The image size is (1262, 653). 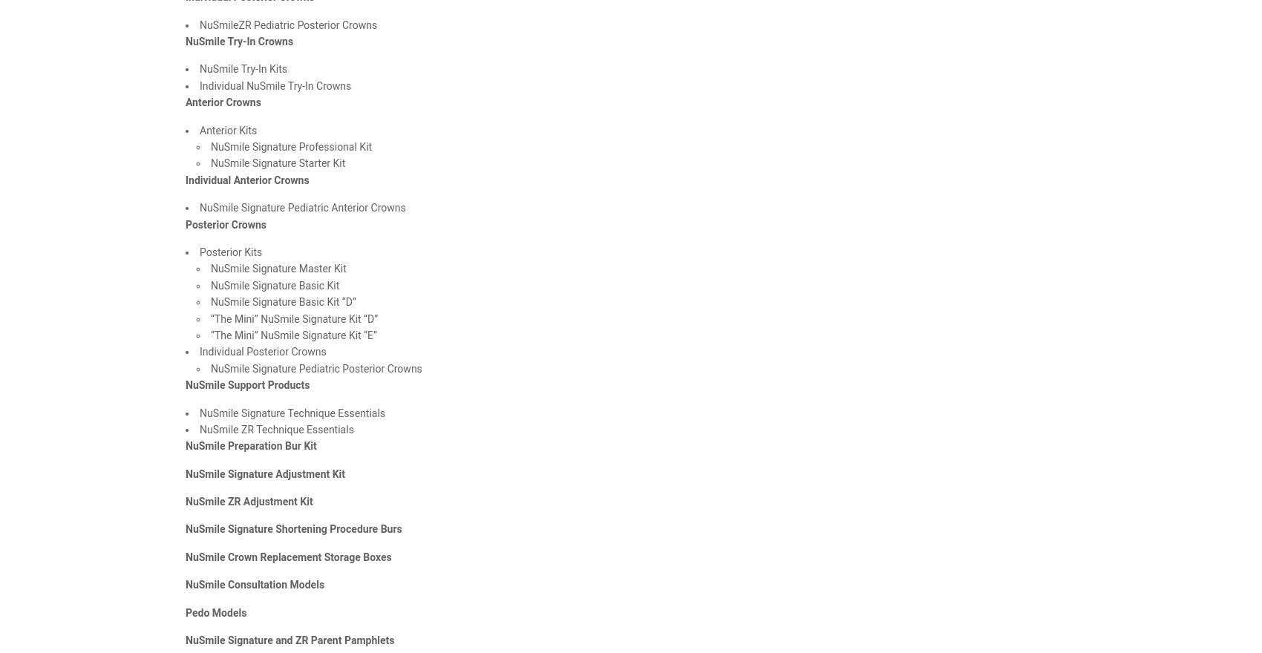 What do you see at coordinates (292, 528) in the screenshot?
I see `'NuSmile Signature Shortening Procedure Burs'` at bounding box center [292, 528].